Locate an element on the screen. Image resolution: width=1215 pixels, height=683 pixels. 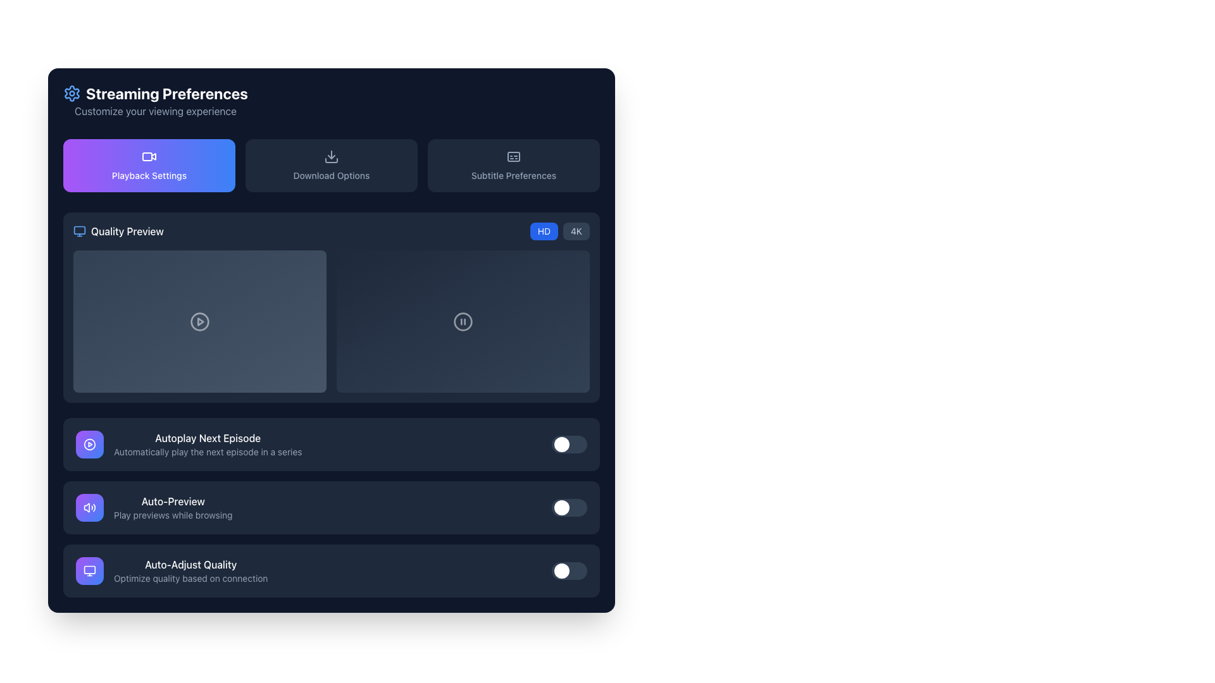
the circular knob of the toggle switch for 'Auto-Adjust Quality' located in the bottom right corner under 'Streaming Preferences' is located at coordinates (569, 570).